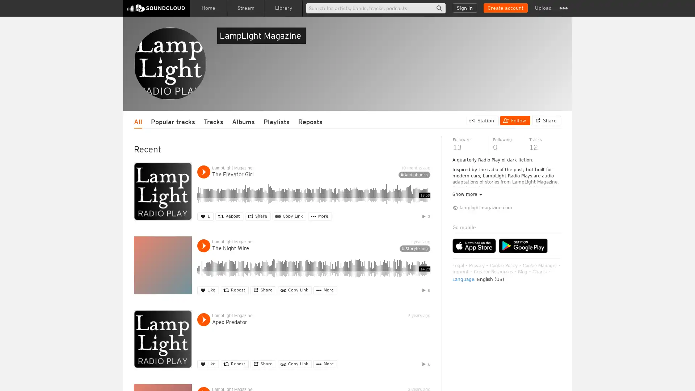 Image resolution: width=695 pixels, height=391 pixels. Describe the element at coordinates (203, 319) in the screenshot. I see `Play` at that location.